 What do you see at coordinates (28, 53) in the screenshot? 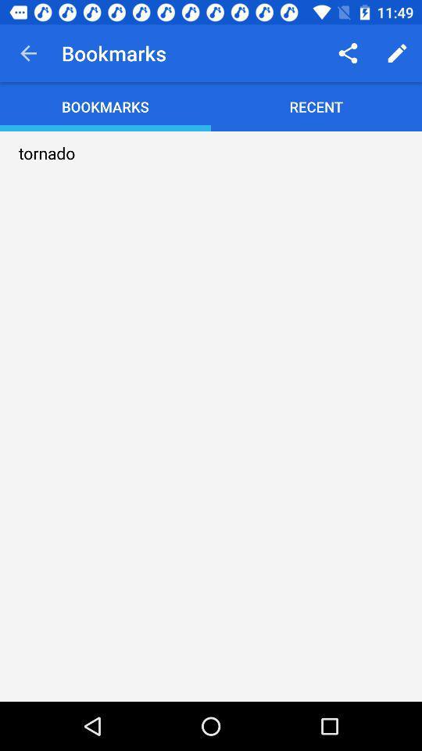
I see `the item above the tornado` at bounding box center [28, 53].